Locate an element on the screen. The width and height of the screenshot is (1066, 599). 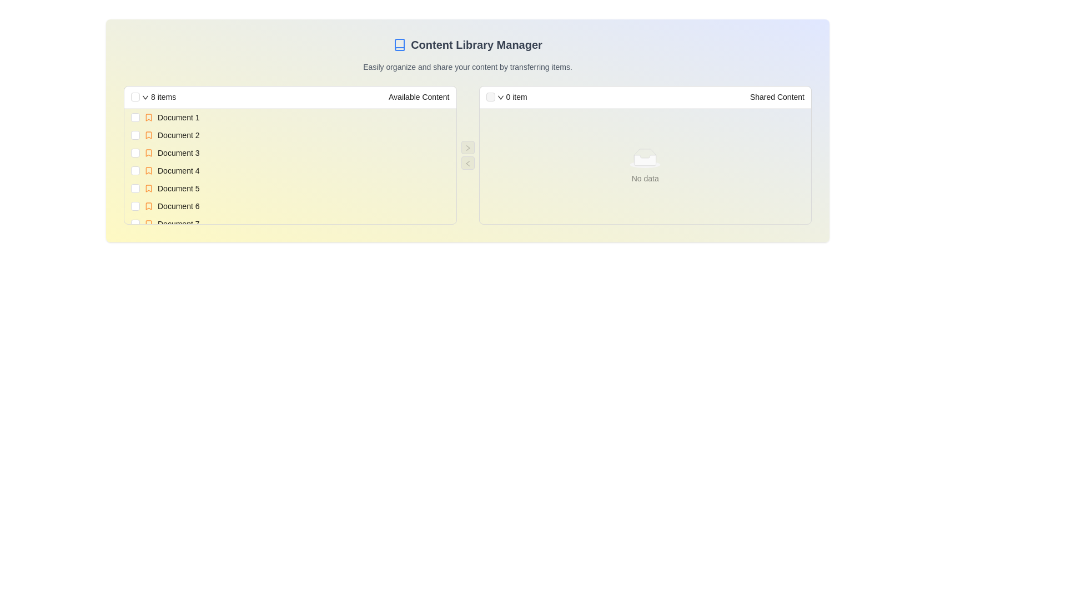
the 'Document 2' selectable list item to focus or highlight it is located at coordinates (290, 134).